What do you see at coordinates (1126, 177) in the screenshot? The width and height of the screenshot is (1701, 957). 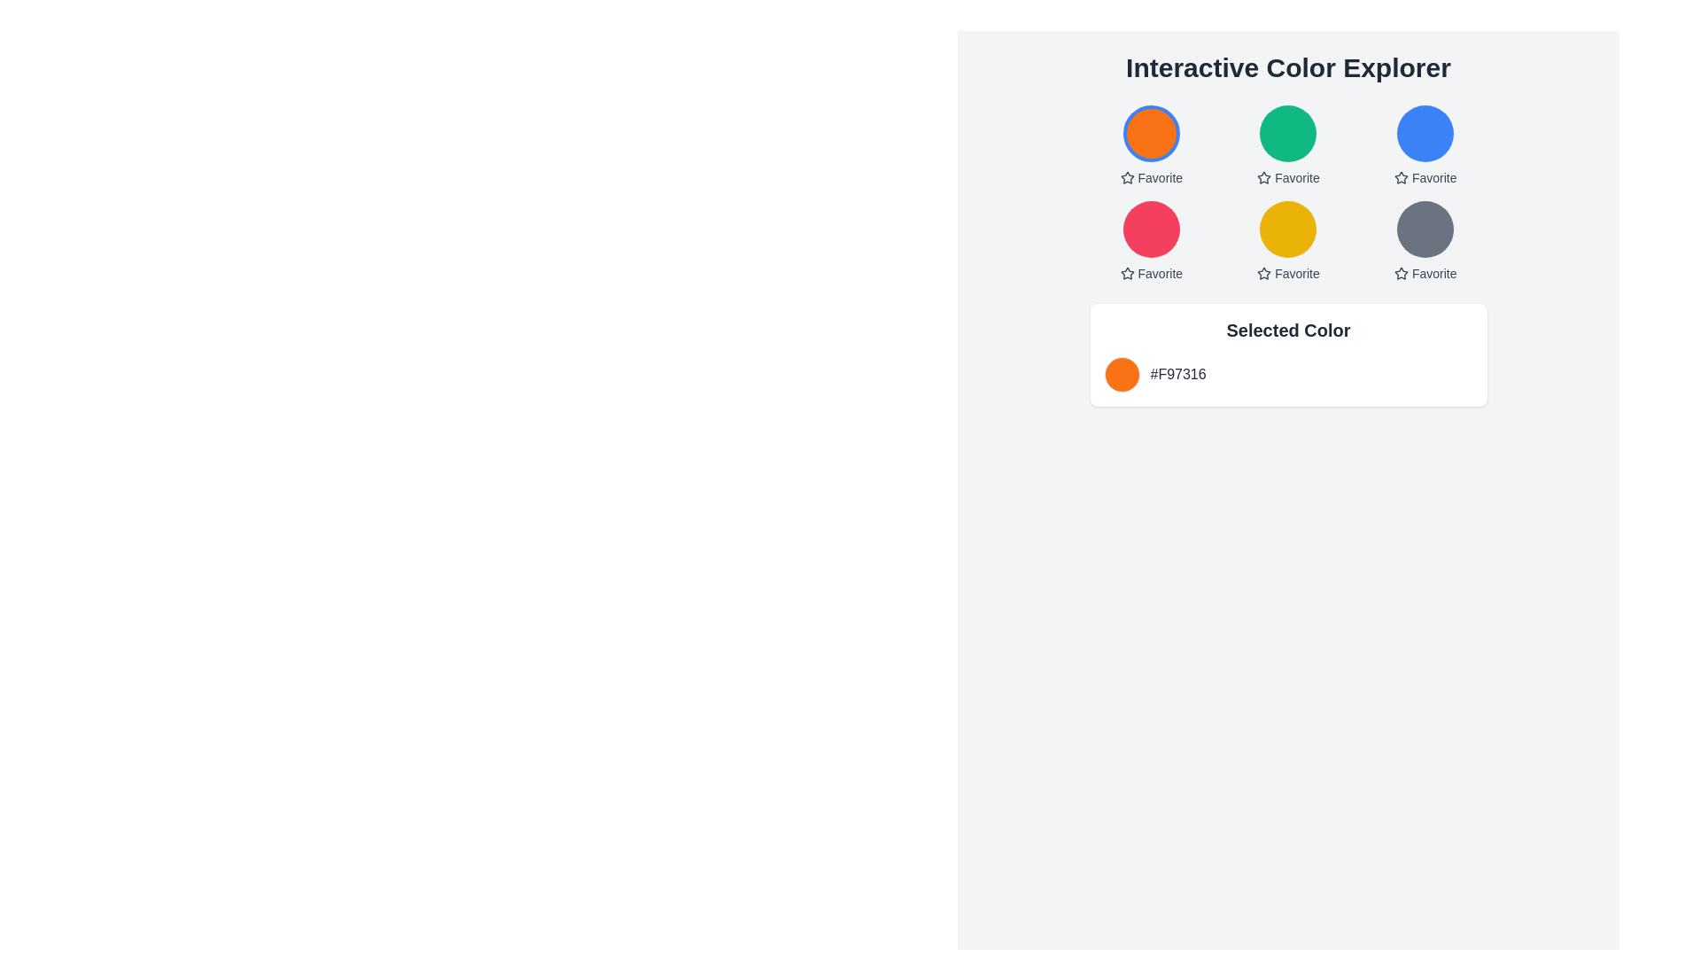 I see `the first star icon in the vertical list of 'Favorite' indicators to mark the associated item as a favorite` at bounding box center [1126, 177].